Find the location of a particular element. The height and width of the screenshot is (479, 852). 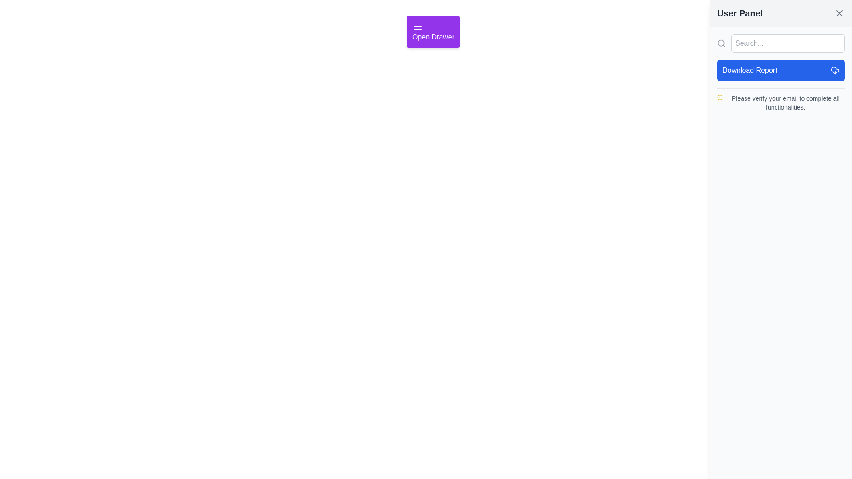

the download icon located to the right of the 'Download Report' button in the User Panel to initiate the download action is located at coordinates (834, 70).